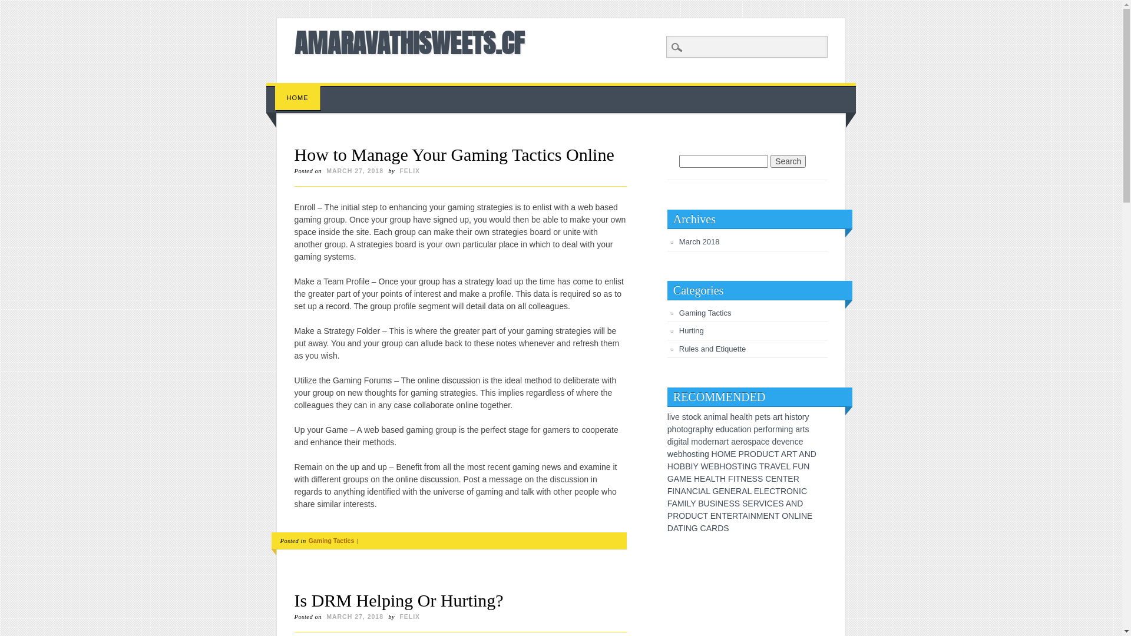  I want to click on 'w', so click(670, 453).